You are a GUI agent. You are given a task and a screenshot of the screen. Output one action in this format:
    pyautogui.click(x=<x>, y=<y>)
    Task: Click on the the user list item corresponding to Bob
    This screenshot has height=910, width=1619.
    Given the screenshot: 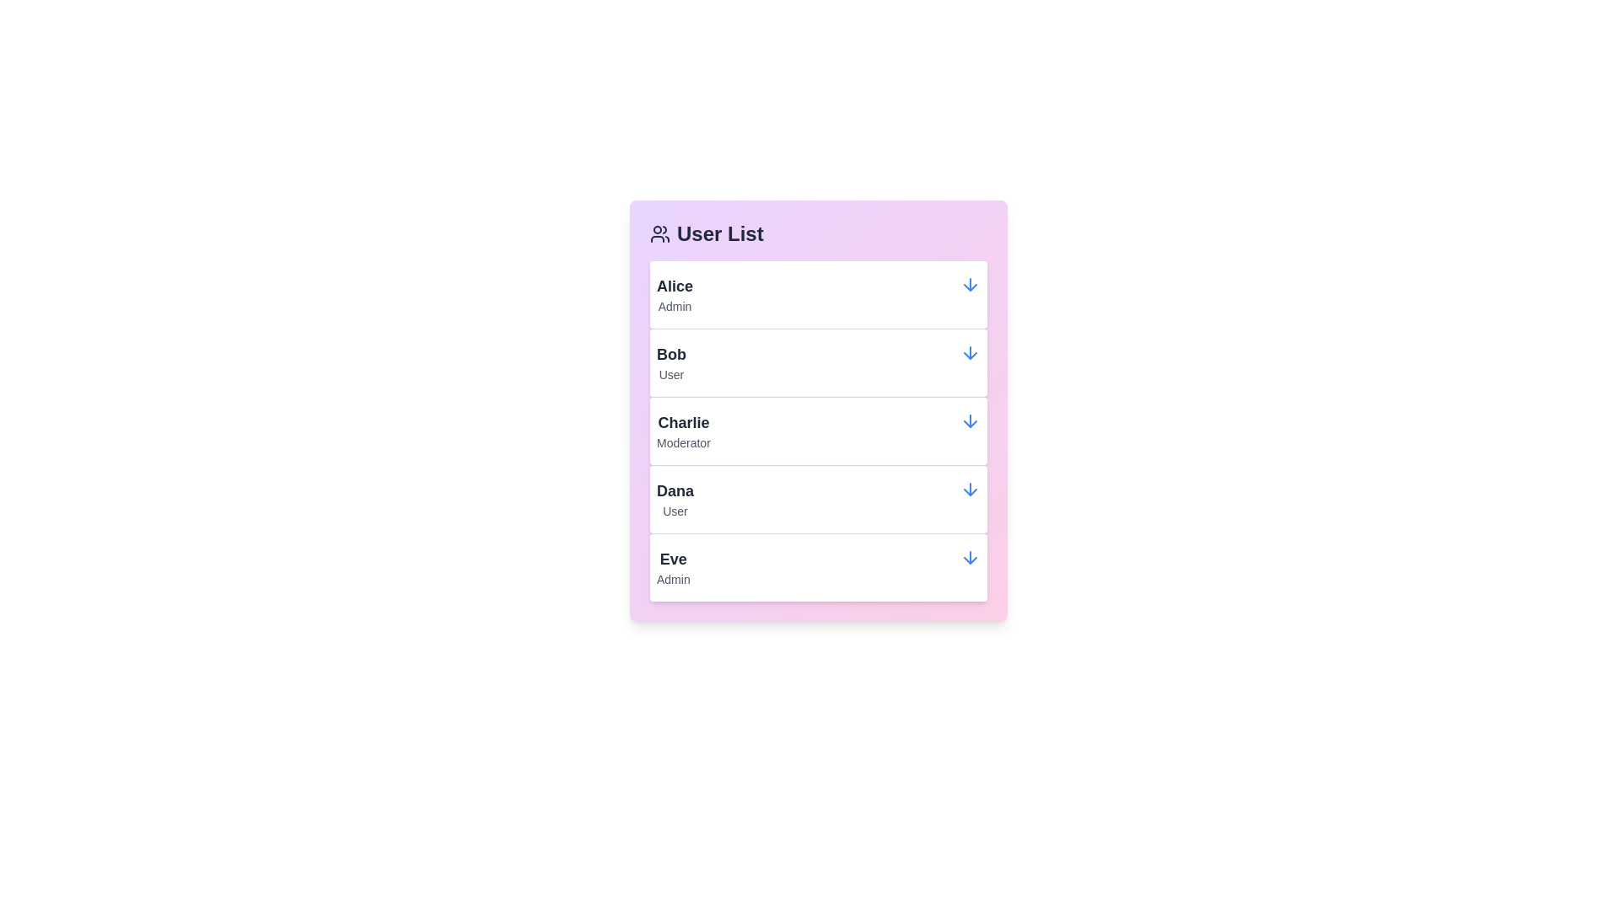 What is the action you would take?
    pyautogui.click(x=818, y=361)
    